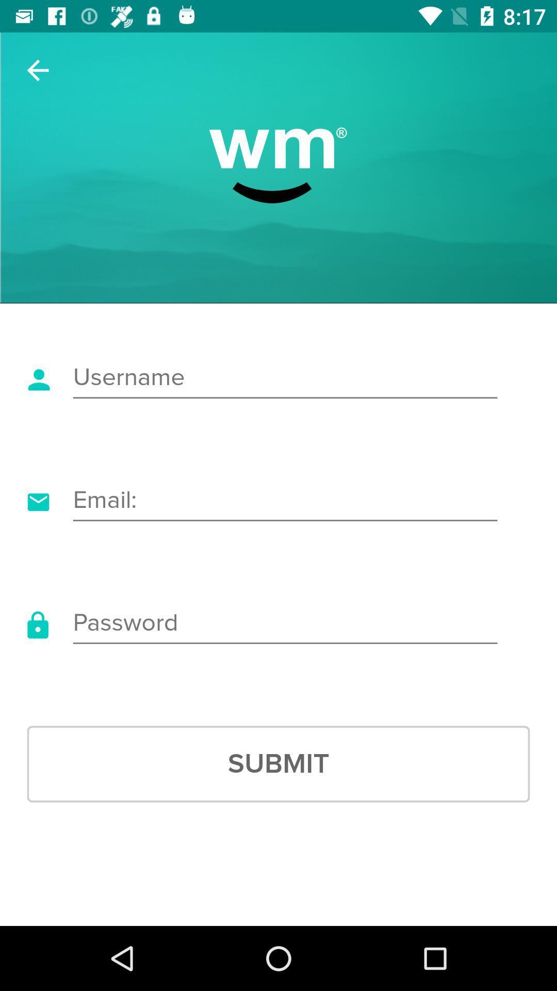 The height and width of the screenshot is (991, 557). I want to click on the item at the top left corner, so click(37, 70).